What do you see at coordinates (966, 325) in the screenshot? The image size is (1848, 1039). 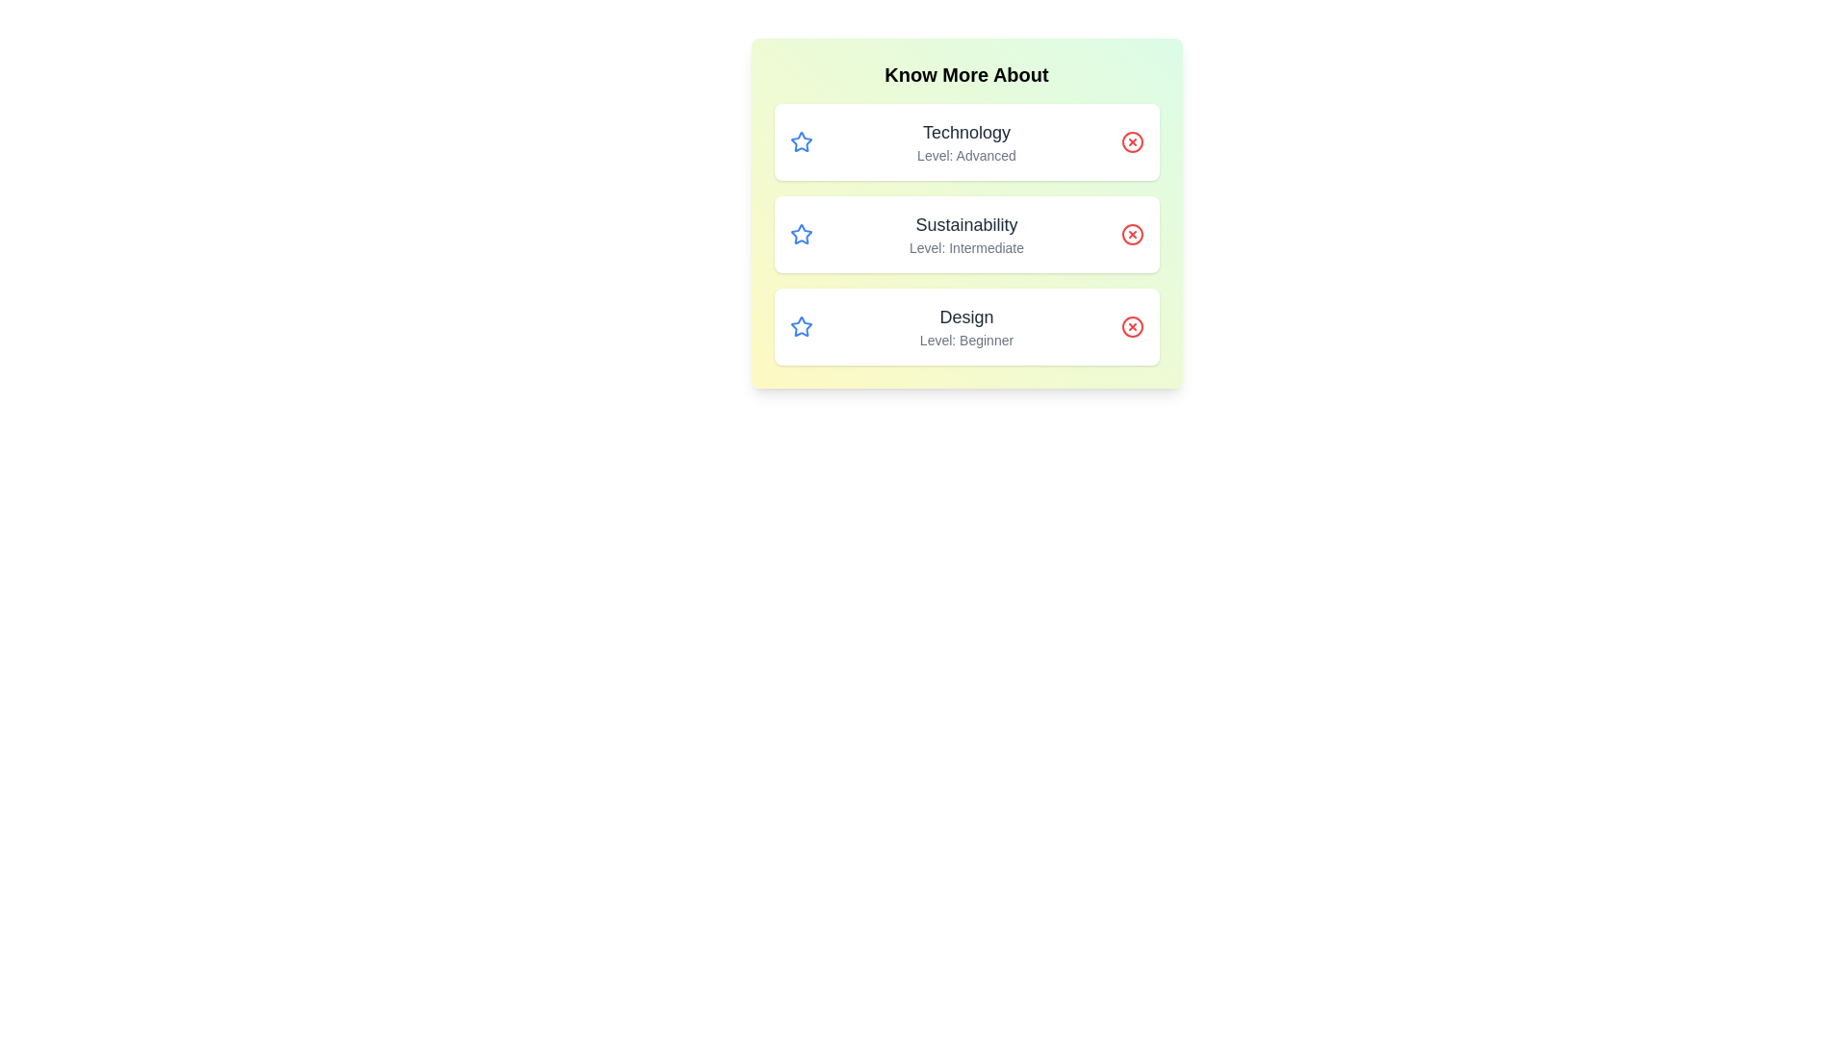 I see `the list item corresponding to Design` at bounding box center [966, 325].